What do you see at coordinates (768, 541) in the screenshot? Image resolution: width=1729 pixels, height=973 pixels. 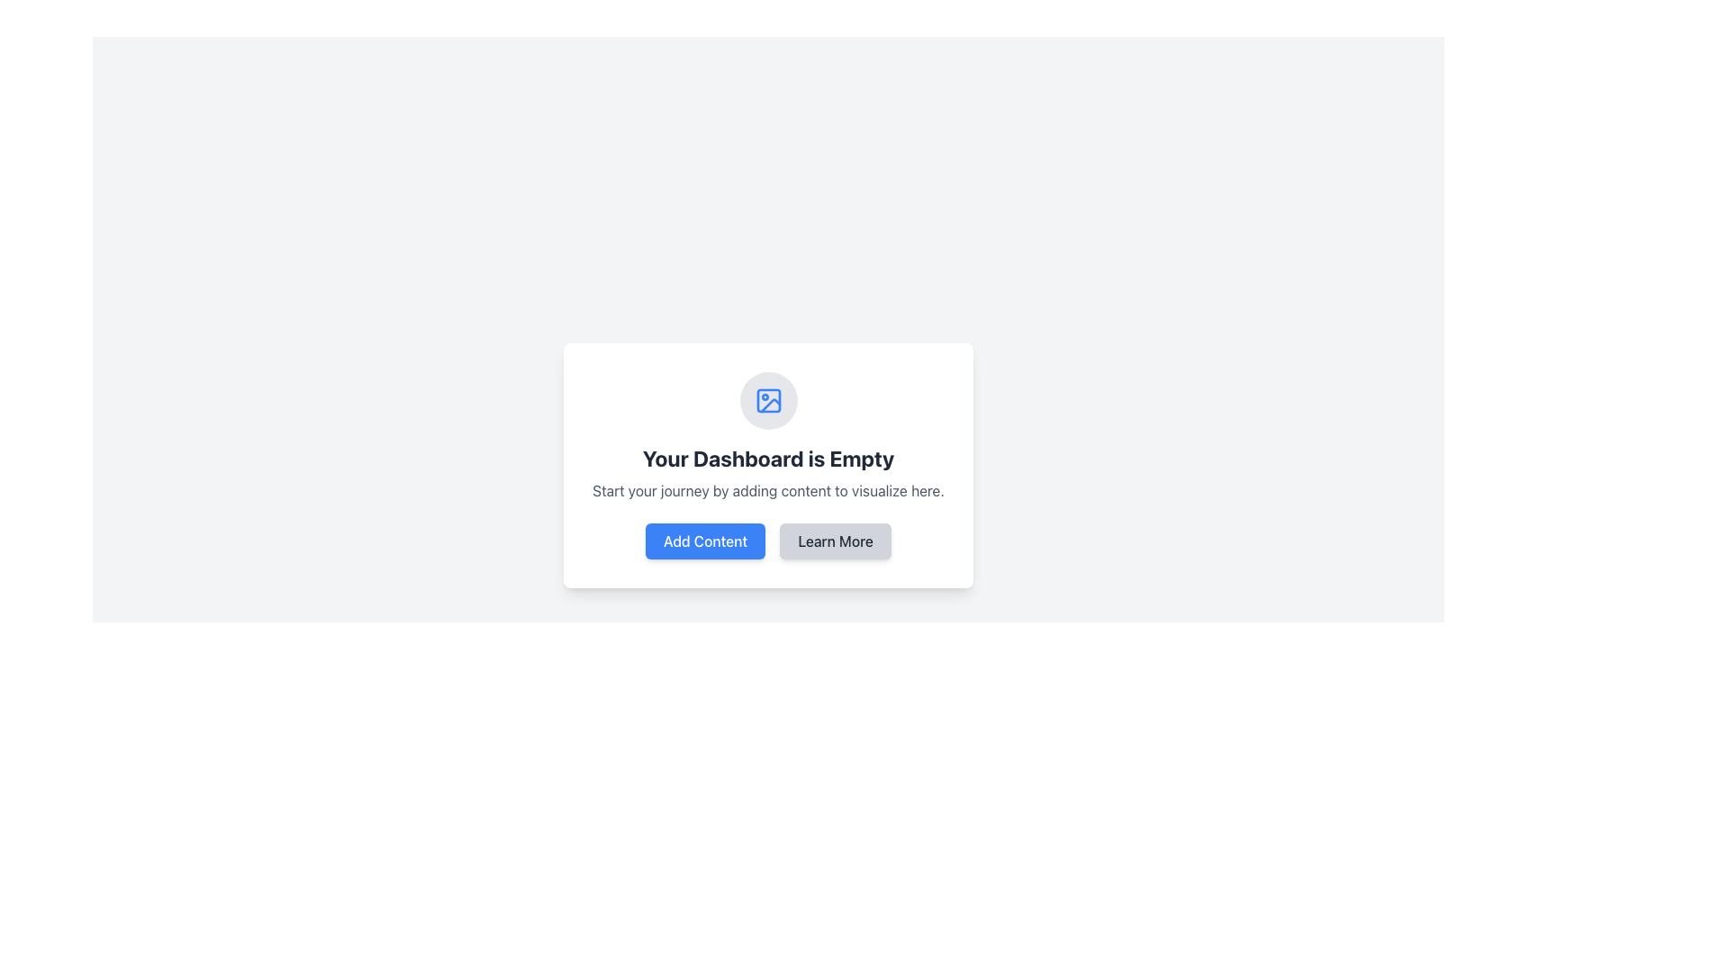 I see `the 'Add Content' button located on the left side of the Button Group within the central card interface` at bounding box center [768, 541].